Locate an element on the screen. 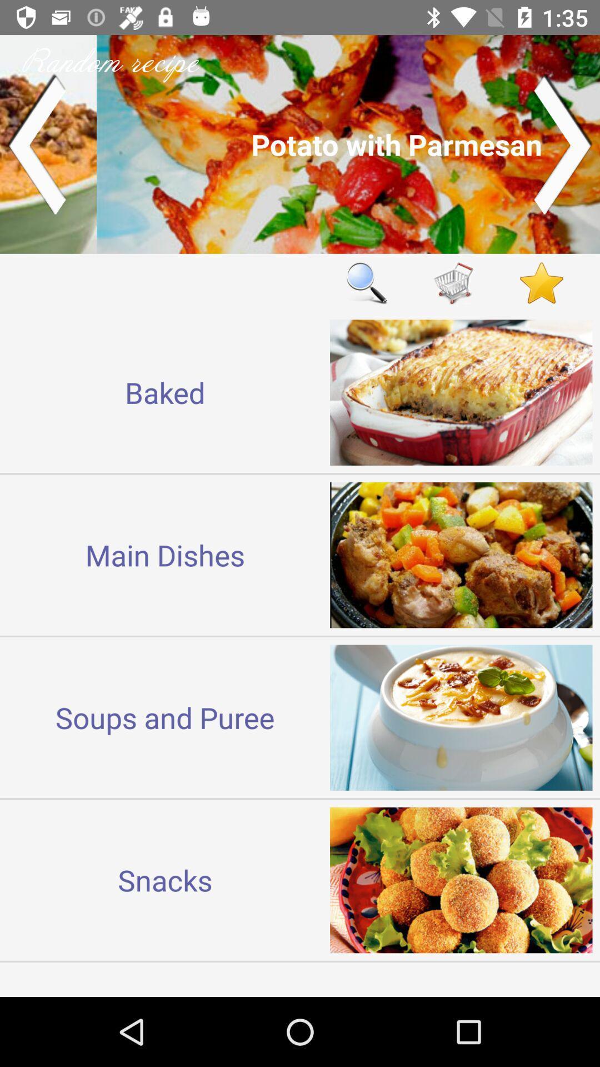 This screenshot has height=1067, width=600. baked item is located at coordinates (165, 392).